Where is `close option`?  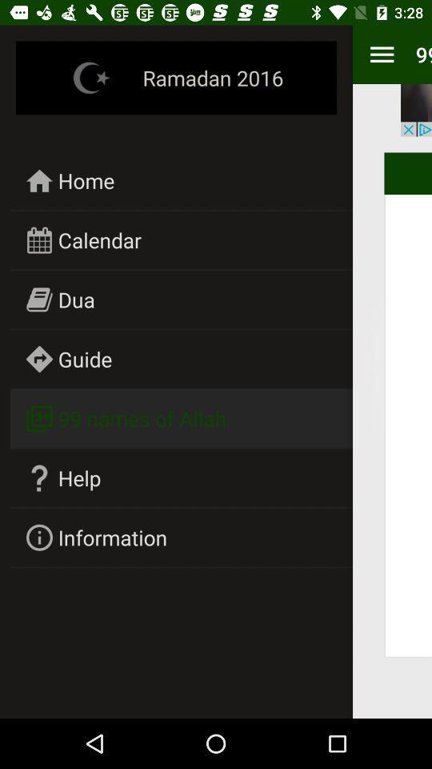 close option is located at coordinates (416, 109).